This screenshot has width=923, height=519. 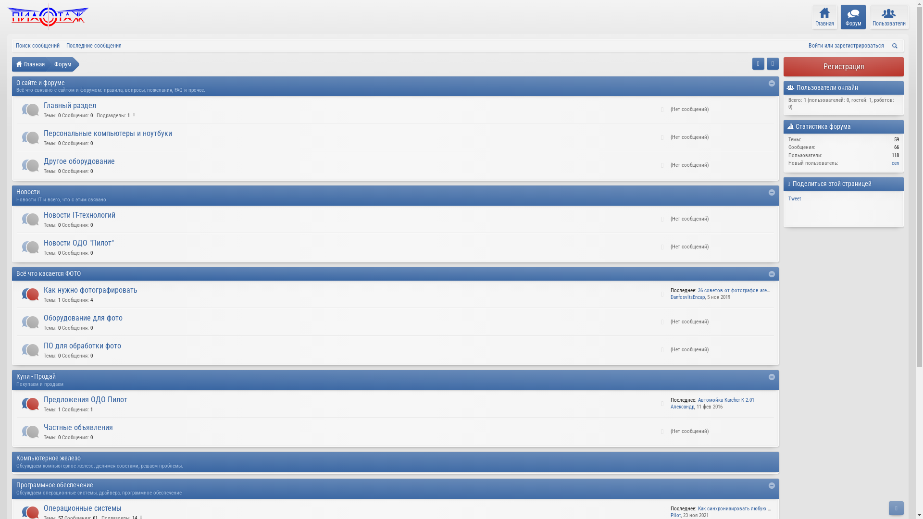 I want to click on 'DanfosvltsEncap', so click(x=687, y=297).